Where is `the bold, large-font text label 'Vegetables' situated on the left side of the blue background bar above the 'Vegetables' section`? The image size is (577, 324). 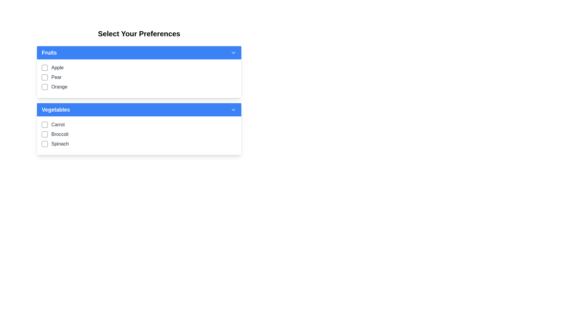
the bold, large-font text label 'Vegetables' situated on the left side of the blue background bar above the 'Vegetables' section is located at coordinates (56, 110).